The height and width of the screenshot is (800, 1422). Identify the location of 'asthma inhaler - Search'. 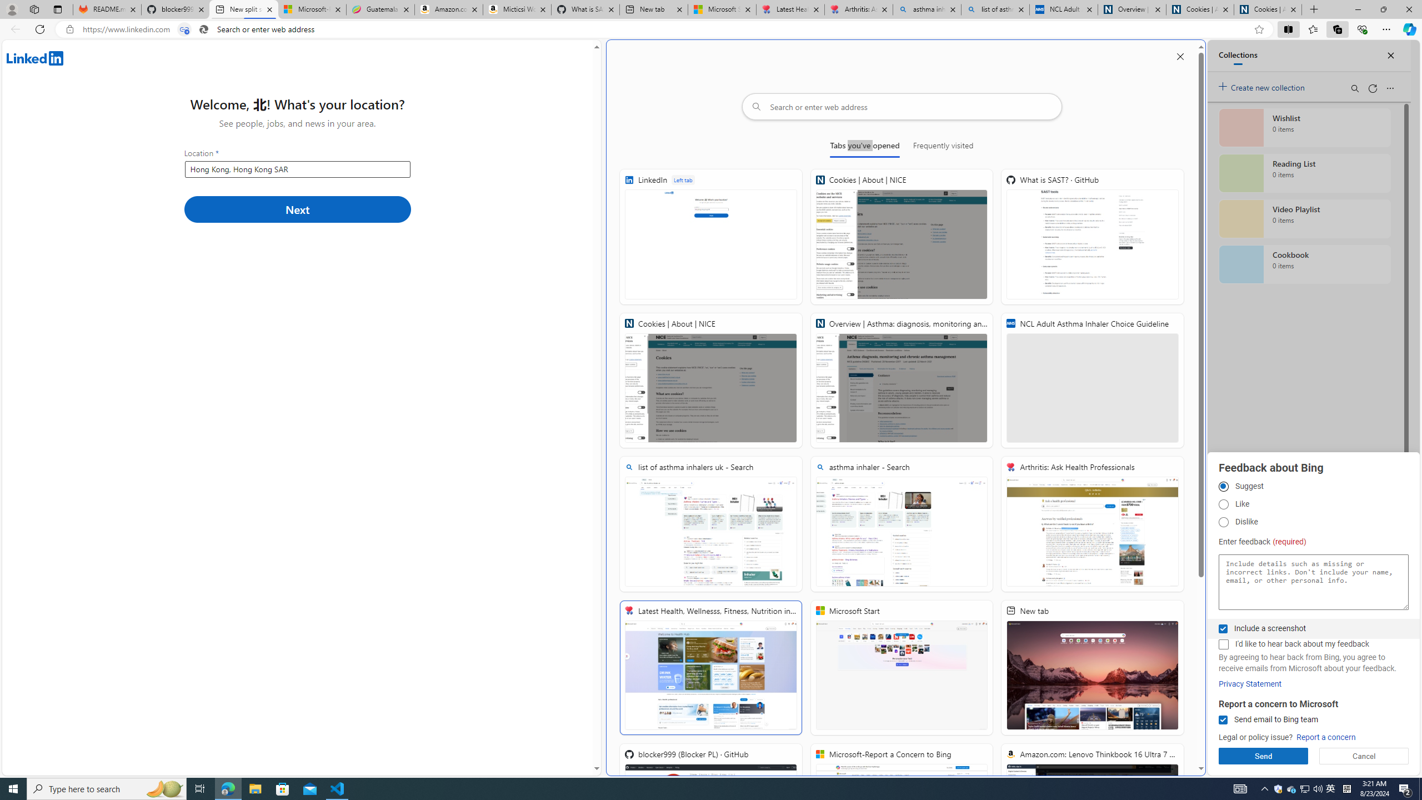
(901, 523).